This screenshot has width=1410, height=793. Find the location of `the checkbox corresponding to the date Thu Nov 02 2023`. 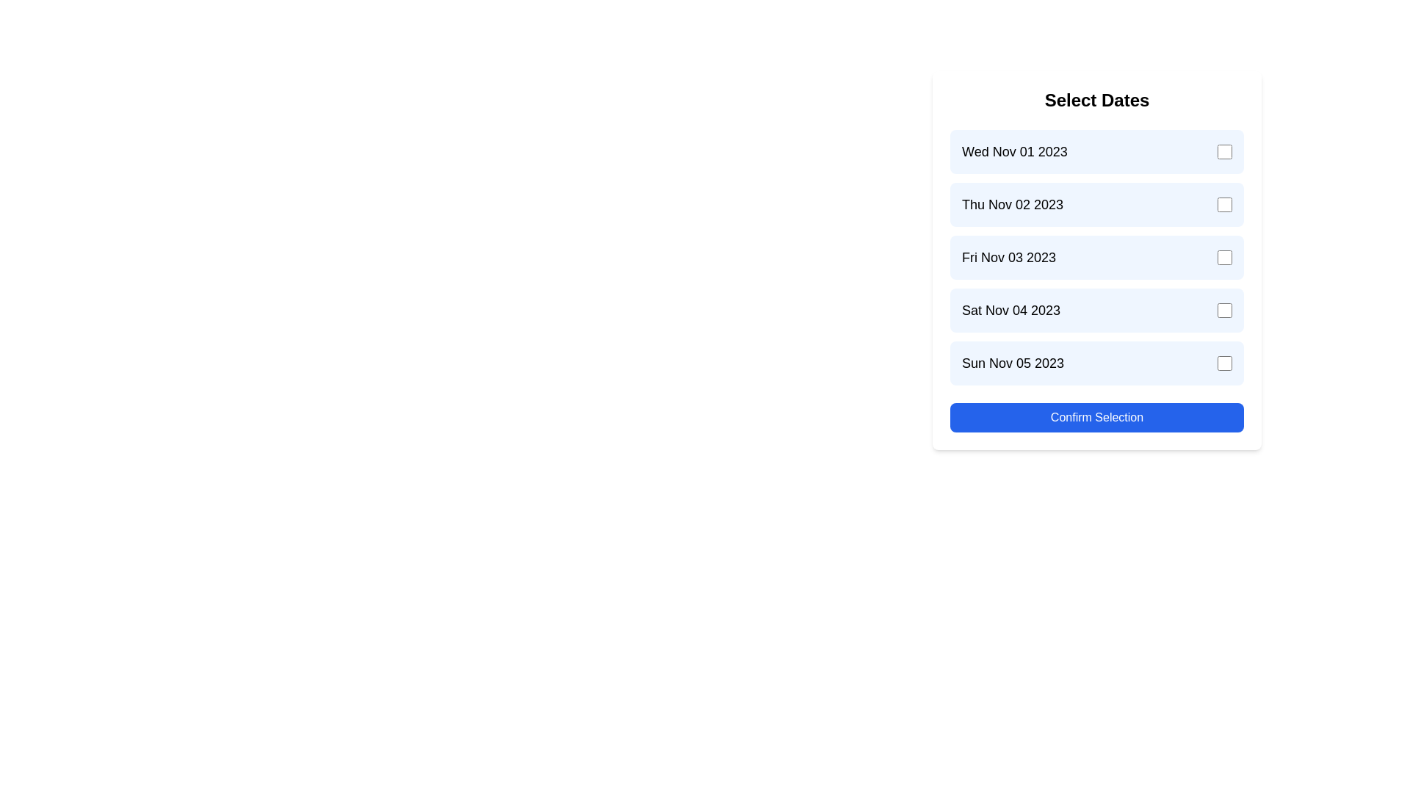

the checkbox corresponding to the date Thu Nov 02 2023 is located at coordinates (1225, 204).